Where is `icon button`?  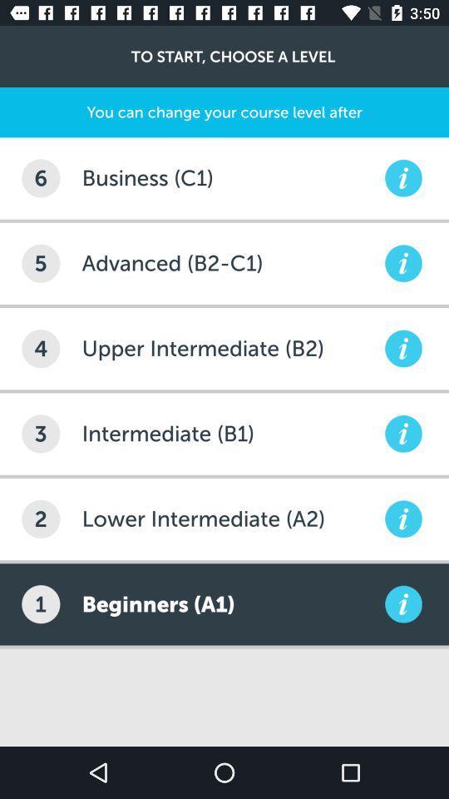
icon button is located at coordinates (402, 263).